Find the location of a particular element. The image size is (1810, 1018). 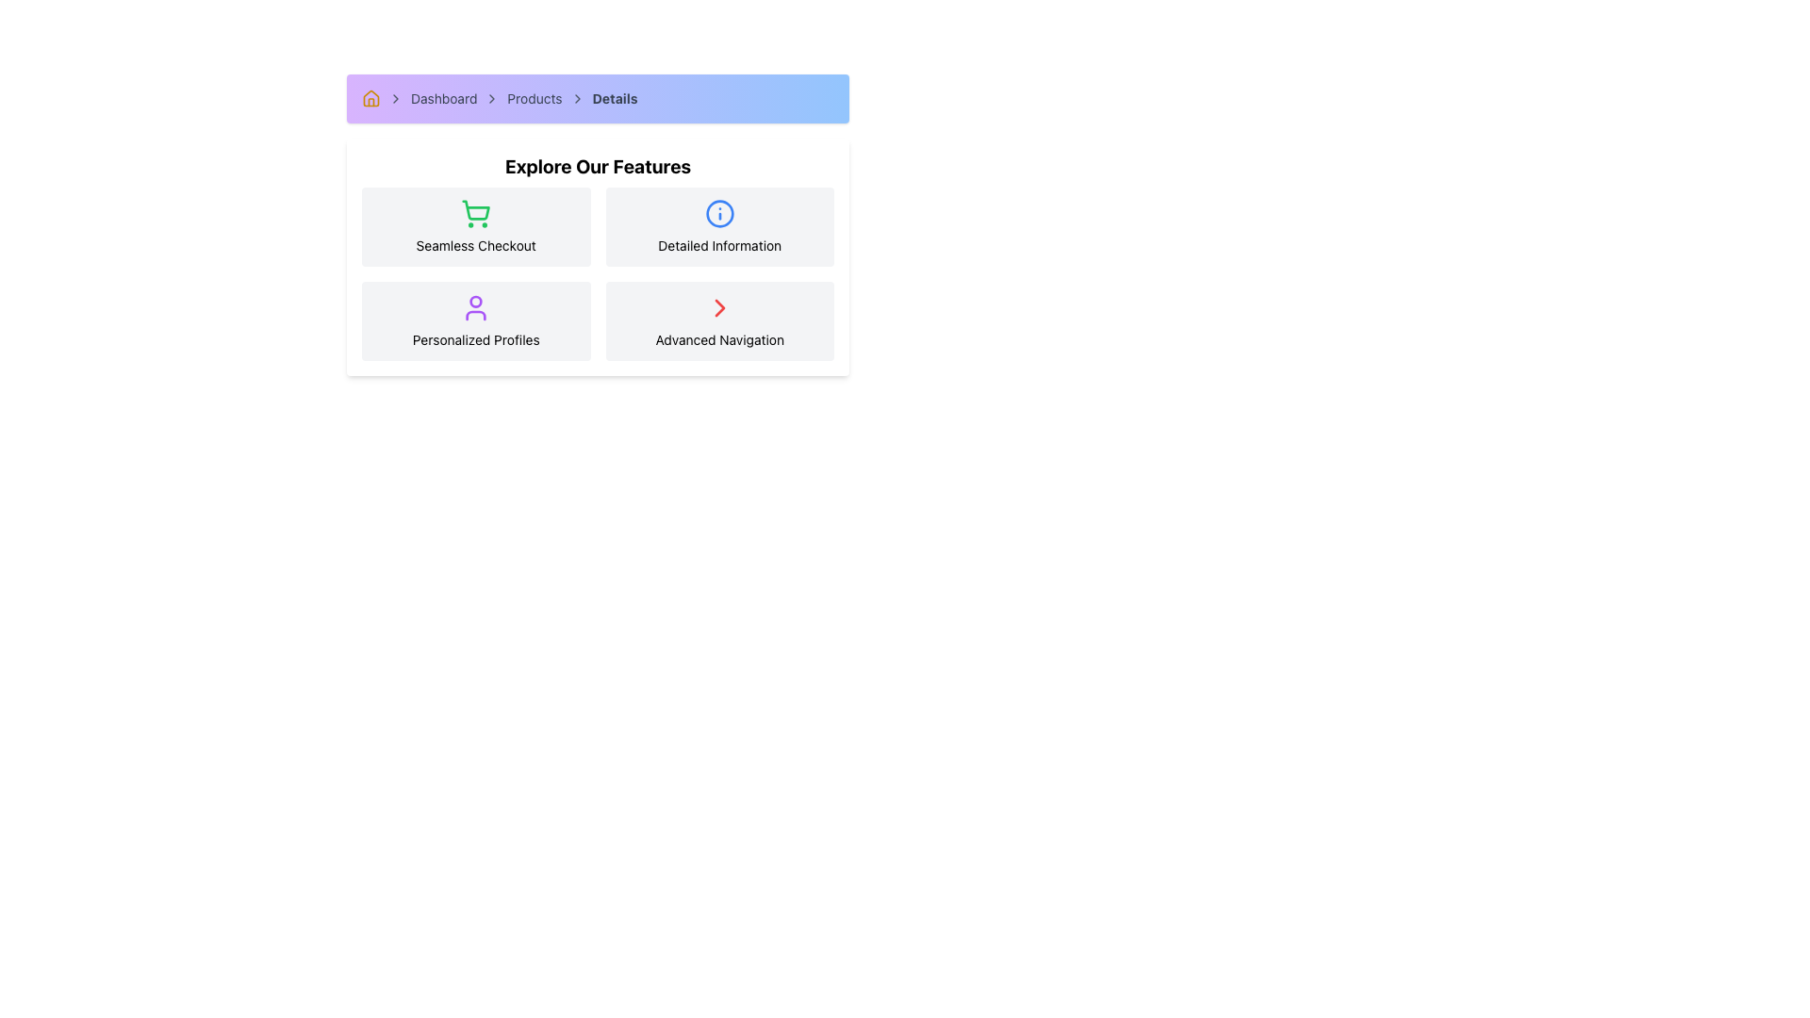

the 'Advanced Navigation' section which is a rectangular card with a light gray background and a red arrow icon pointing right, located in the bottom-right of the 'Explore Our Features' panel is located at coordinates (718, 320).